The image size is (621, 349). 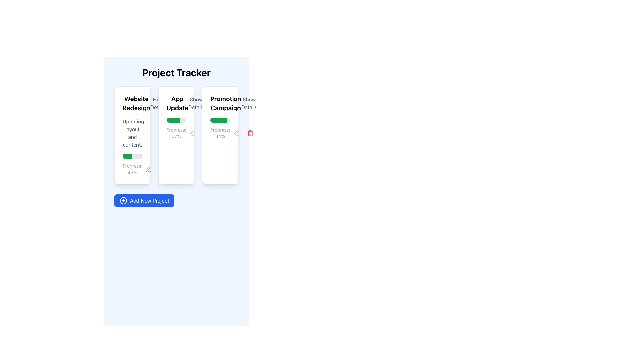 What do you see at coordinates (220, 120) in the screenshot?
I see `the Progress Bar element that visually represents 84% completion, located in the 'Promotion Campaign' card, below the title and above the 'Progress: 84%' text label` at bounding box center [220, 120].